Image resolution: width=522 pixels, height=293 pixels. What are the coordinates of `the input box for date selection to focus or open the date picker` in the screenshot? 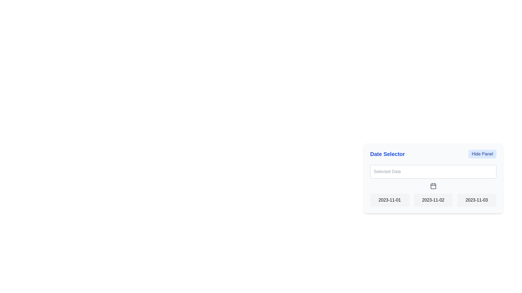 It's located at (433, 171).